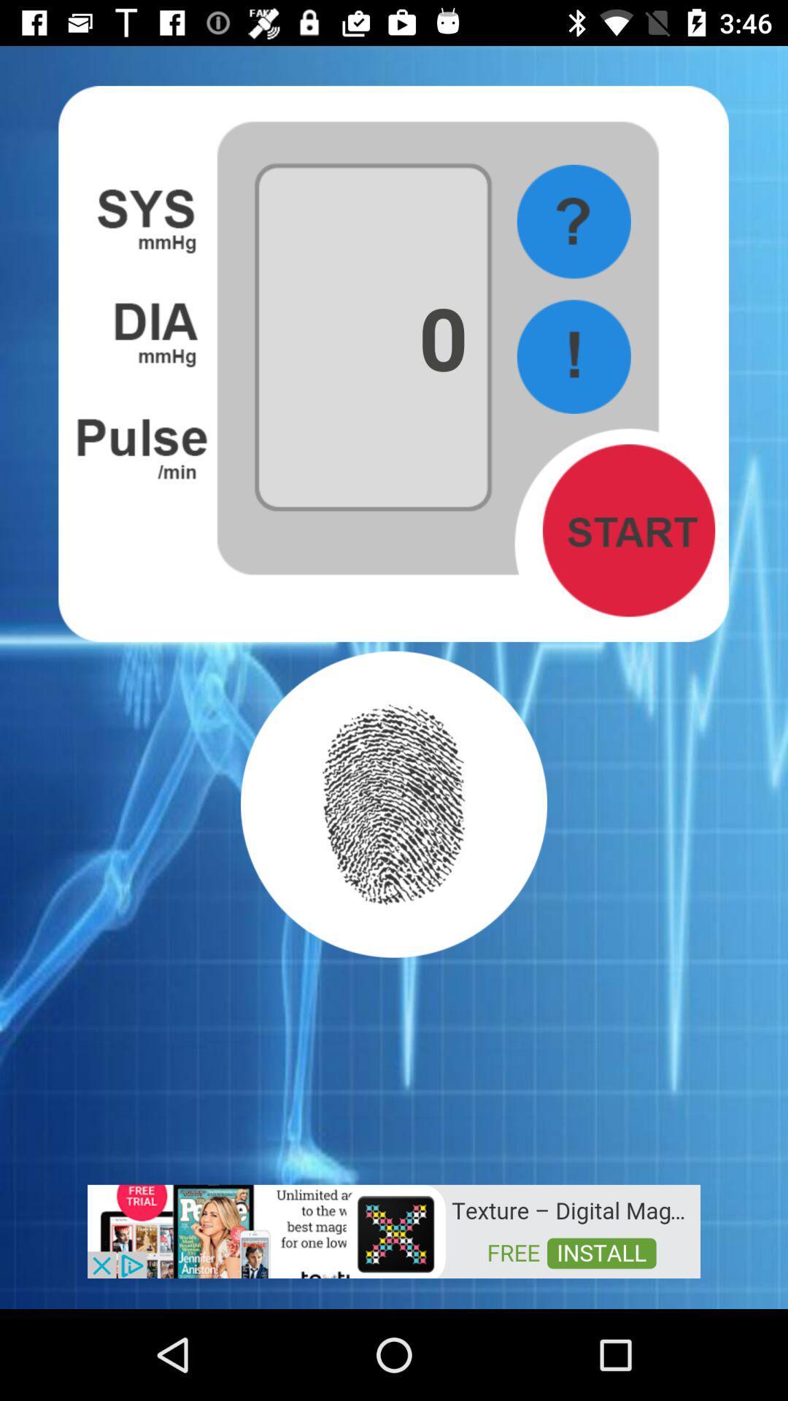  Describe the element at coordinates (573, 221) in the screenshot. I see `help option` at that location.